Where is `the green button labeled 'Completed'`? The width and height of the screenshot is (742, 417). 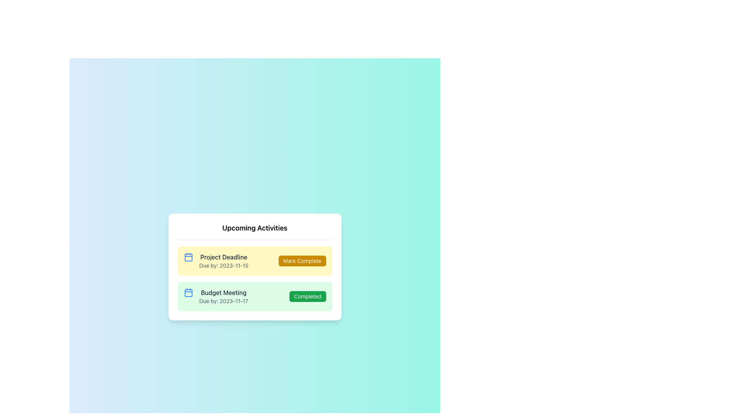
the green button labeled 'Completed' is located at coordinates (307, 296).